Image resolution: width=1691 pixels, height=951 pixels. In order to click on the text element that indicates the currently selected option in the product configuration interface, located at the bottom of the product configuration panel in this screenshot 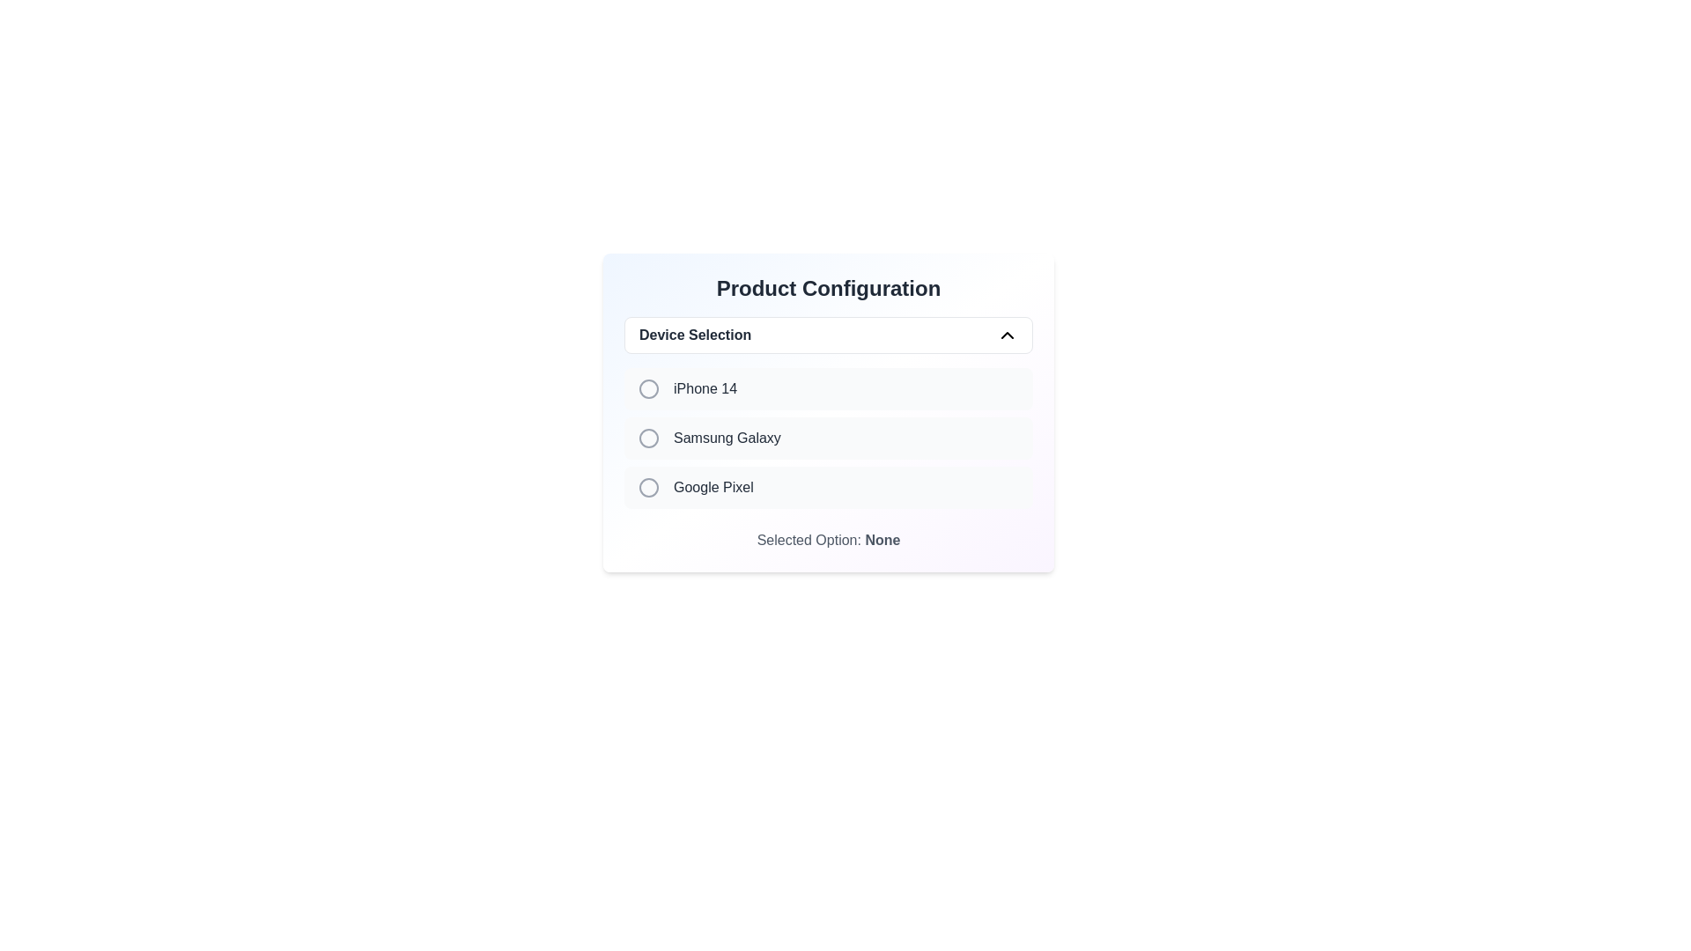, I will do `click(827, 539)`.